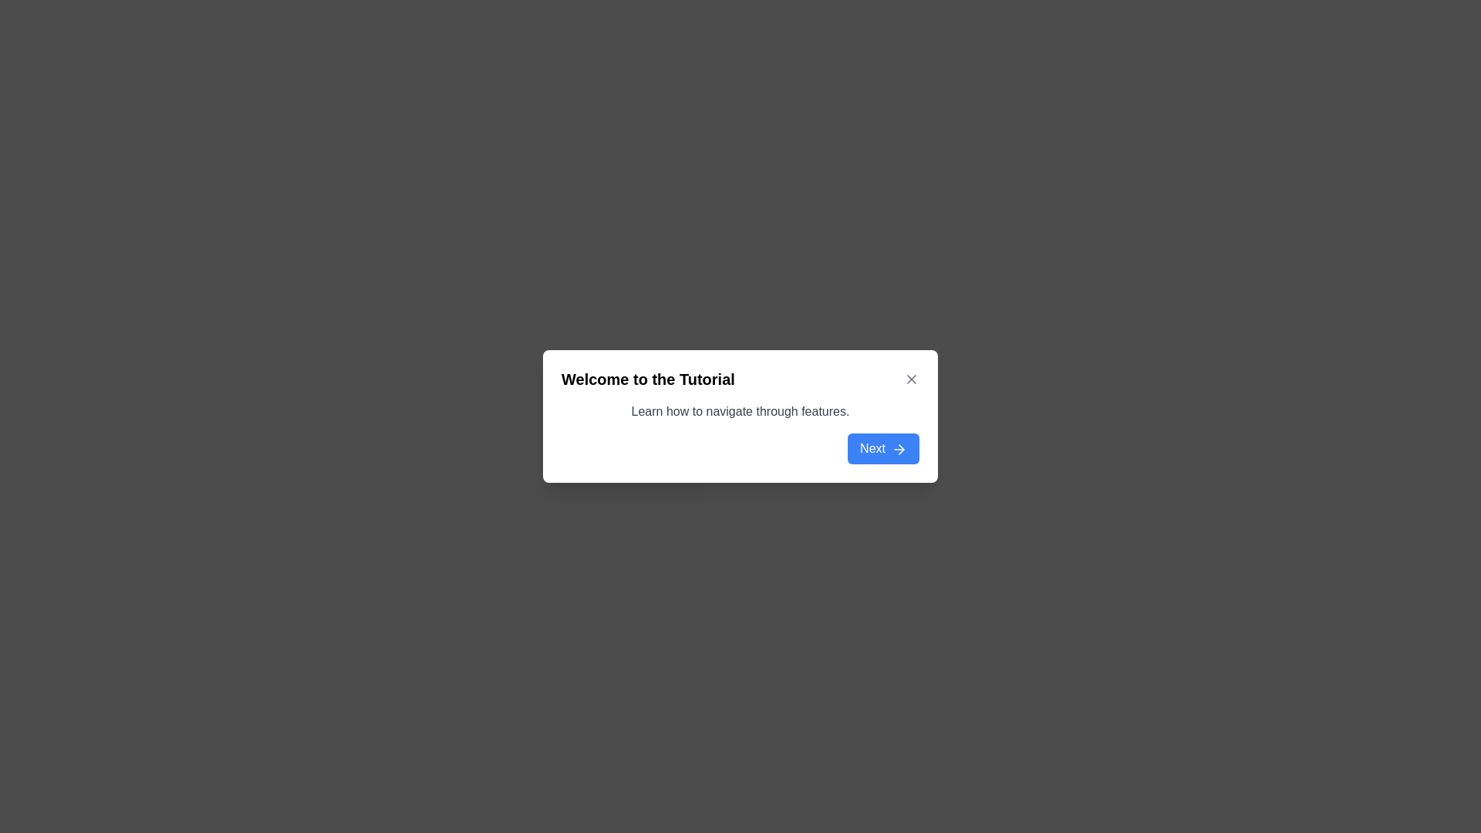  I want to click on the decorative arrow icon within the 'Next' button located in the lower-right corner of the 'Welcome to the Tutorial' modal window, so click(901, 449).